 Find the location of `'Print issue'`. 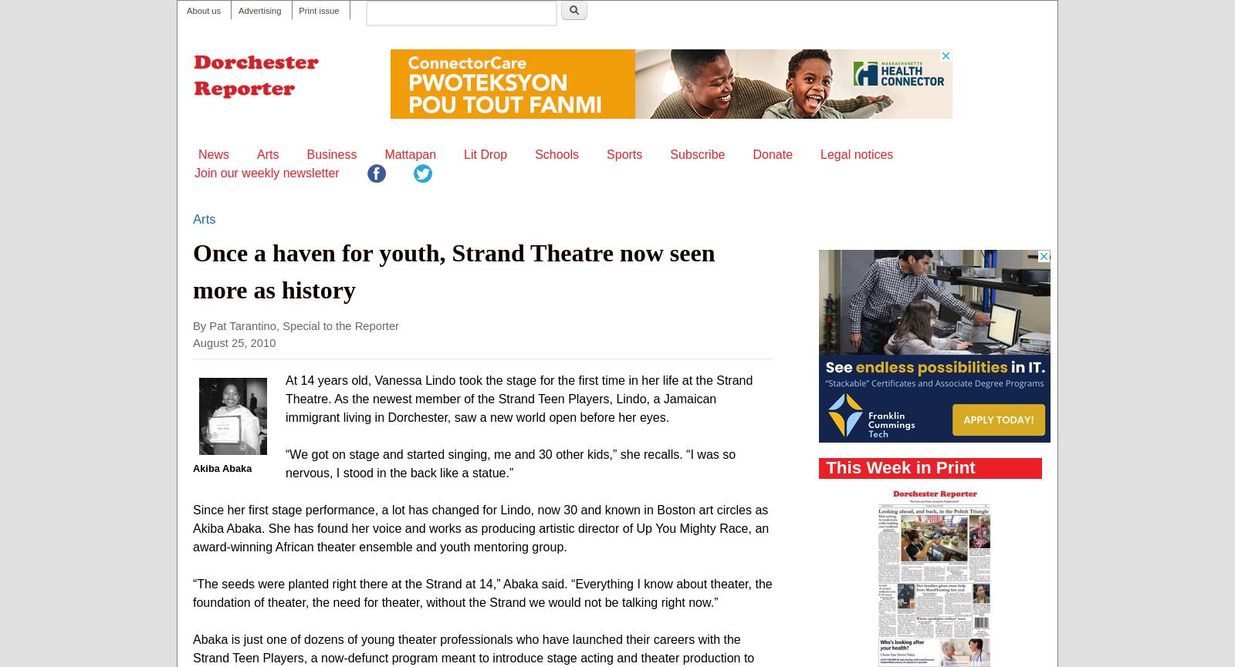

'Print issue' is located at coordinates (299, 11).